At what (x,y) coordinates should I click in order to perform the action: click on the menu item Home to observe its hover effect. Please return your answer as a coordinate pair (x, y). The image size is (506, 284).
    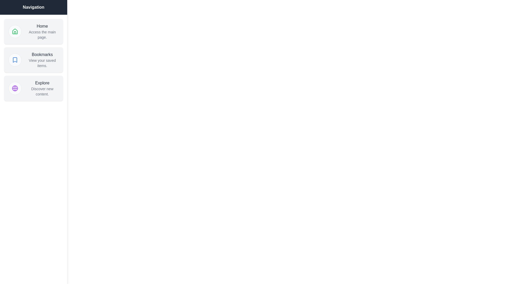
    Looking at the image, I should click on (33, 31).